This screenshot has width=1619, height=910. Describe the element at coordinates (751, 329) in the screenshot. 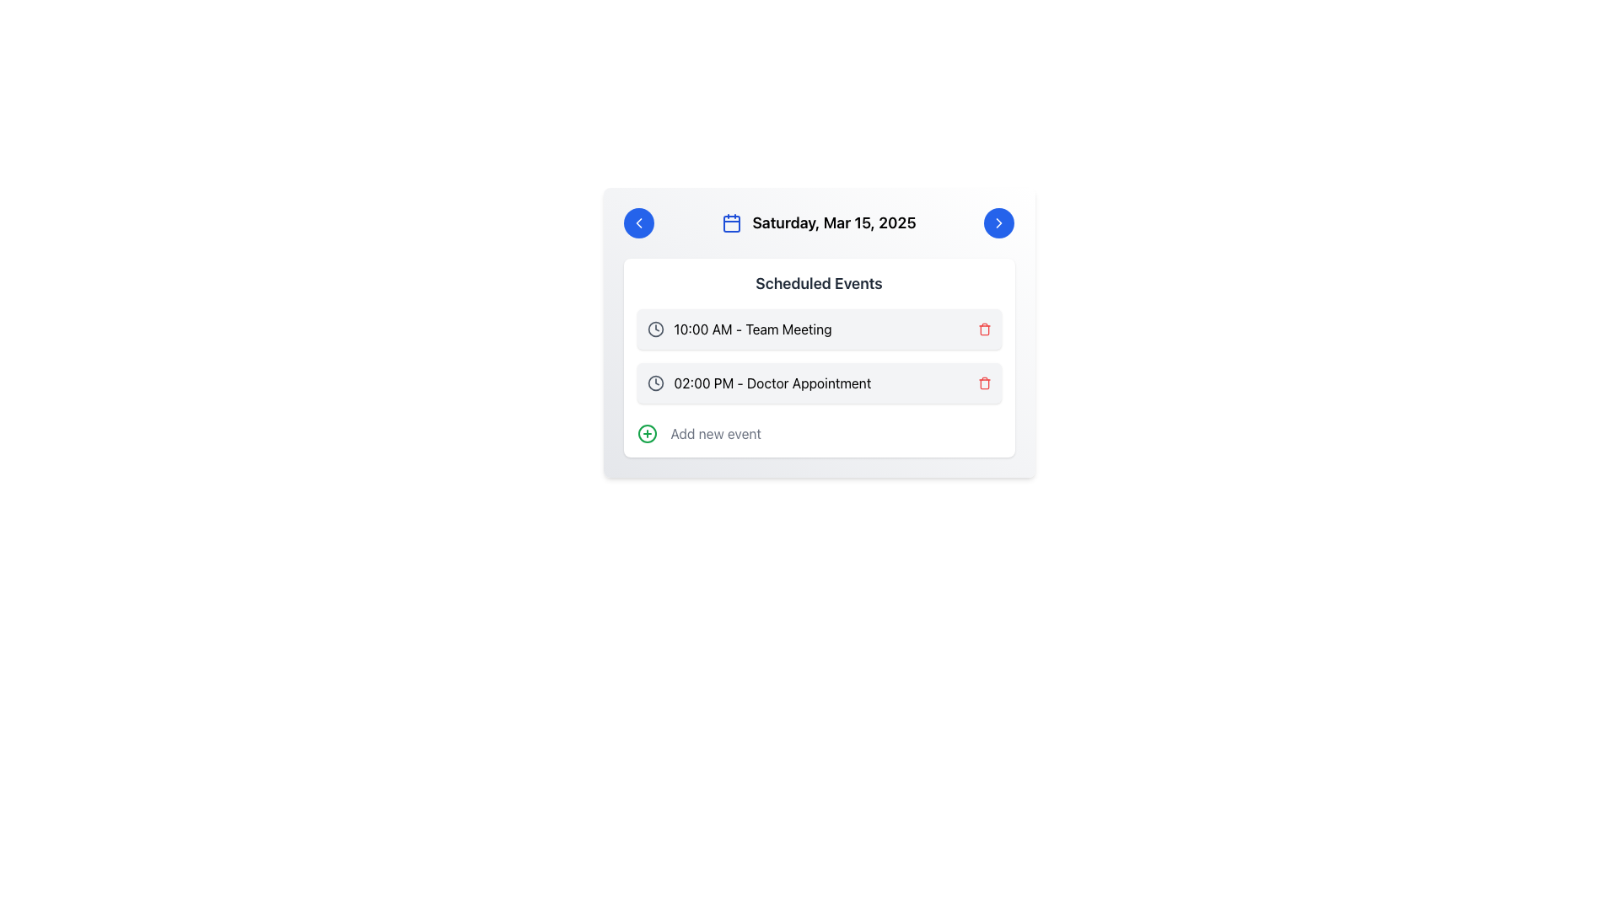

I see `the informational text label indicating the timing and title of the scheduled meeting, which is located to the right of a clock icon in the first event of the 'Scheduled Events' section` at that location.